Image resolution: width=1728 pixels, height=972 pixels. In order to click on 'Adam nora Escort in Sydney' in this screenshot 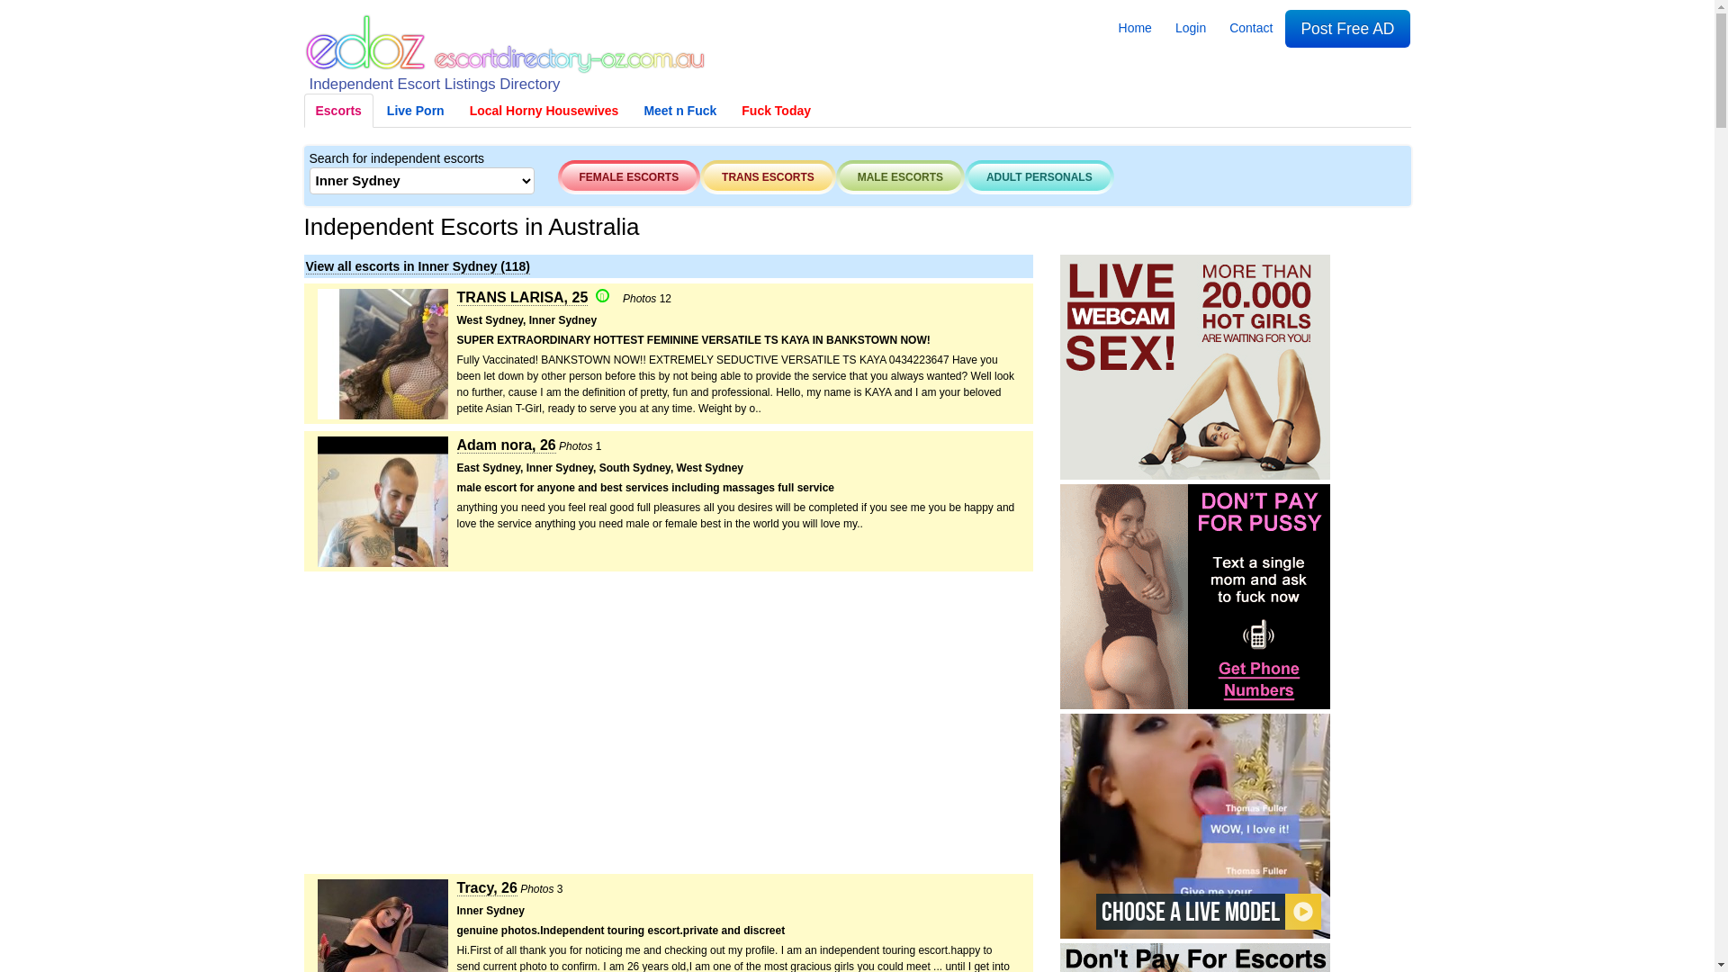, I will do `click(316, 503)`.